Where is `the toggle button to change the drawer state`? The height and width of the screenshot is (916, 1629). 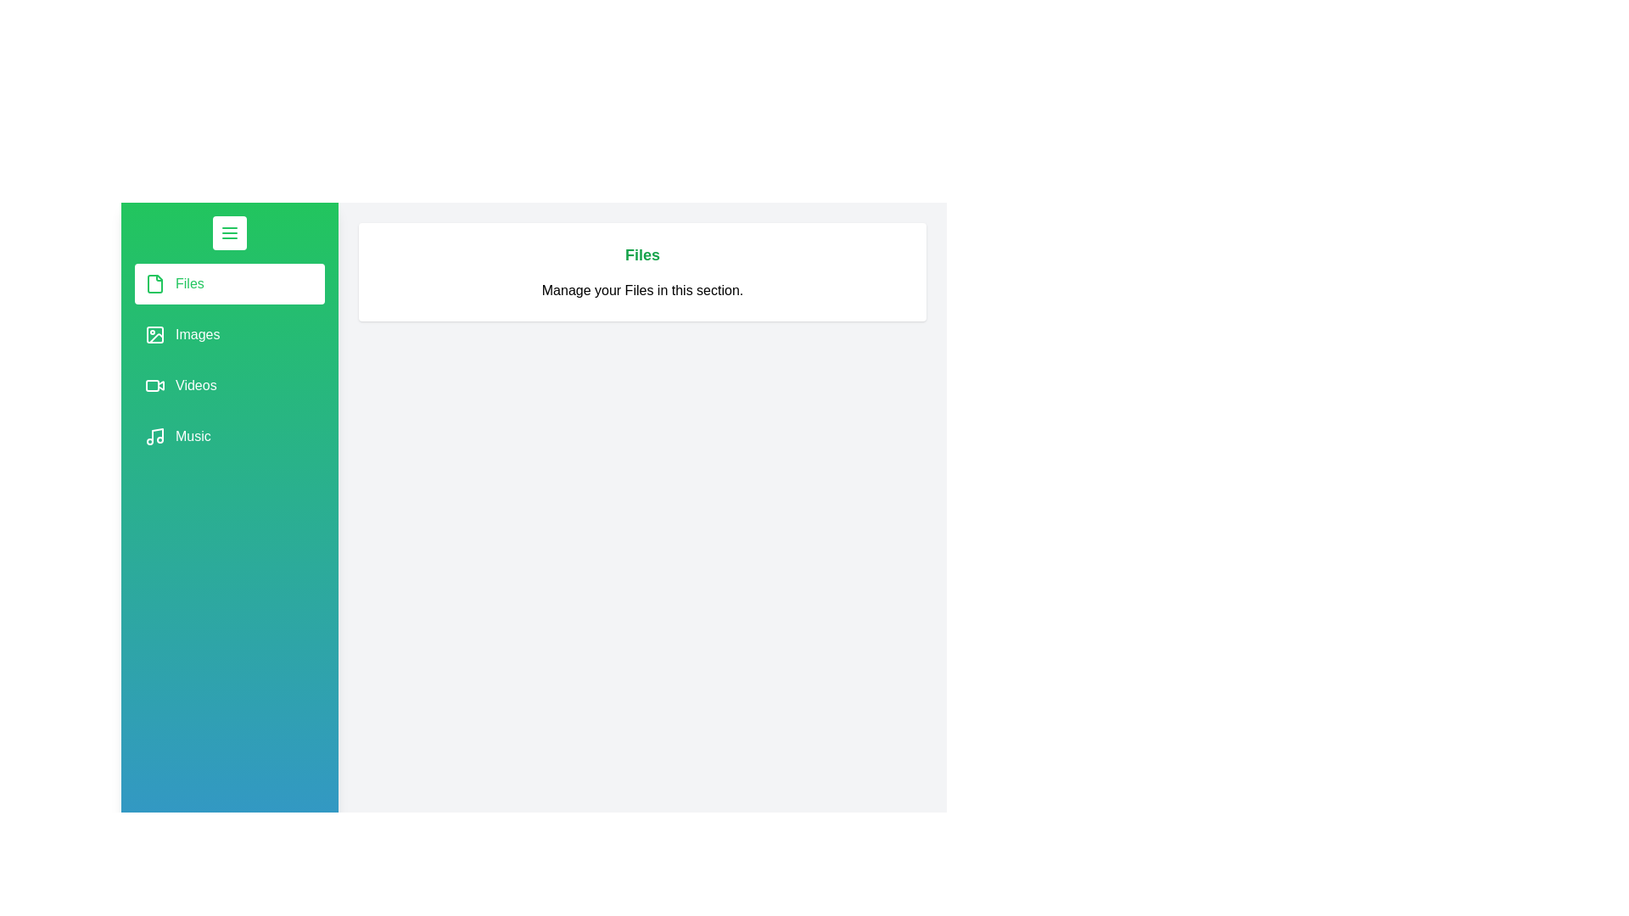
the toggle button to change the drawer state is located at coordinates (228, 232).